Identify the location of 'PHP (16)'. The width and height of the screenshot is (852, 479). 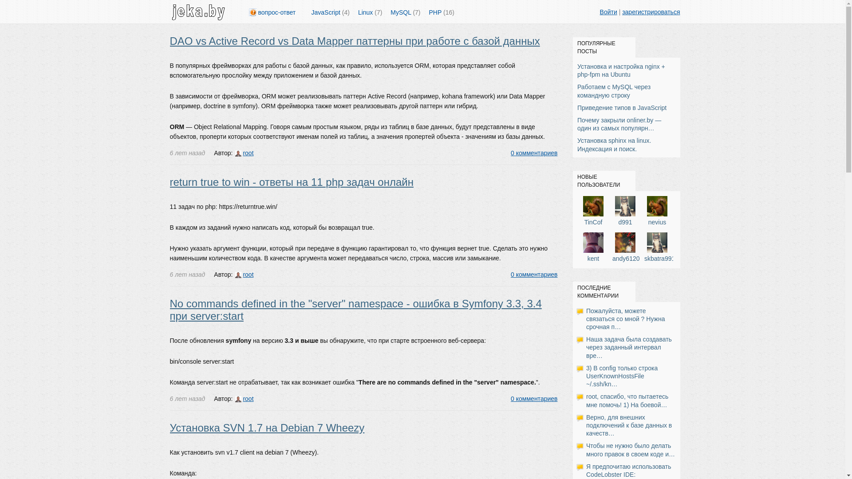
(442, 12).